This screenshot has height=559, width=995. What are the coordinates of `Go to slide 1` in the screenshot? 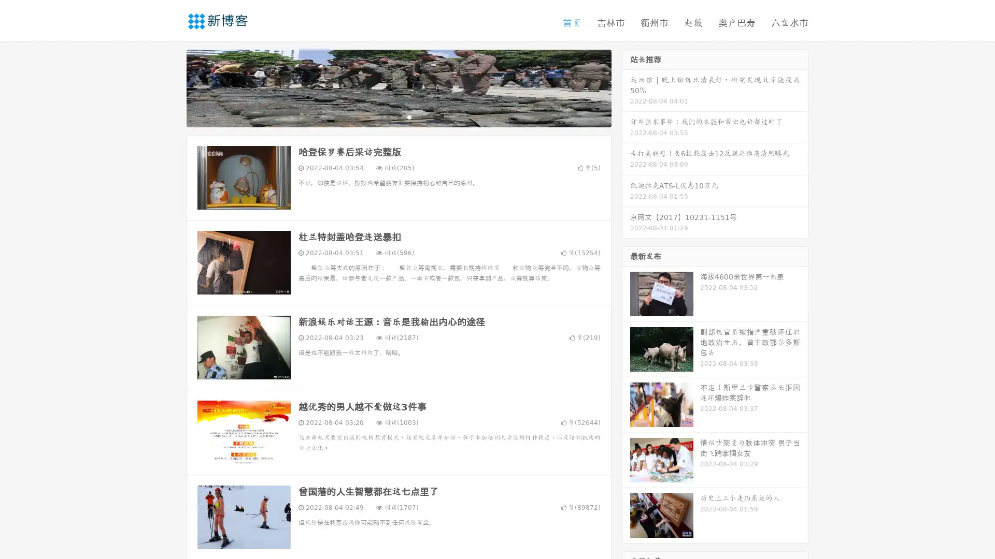 It's located at (388, 116).